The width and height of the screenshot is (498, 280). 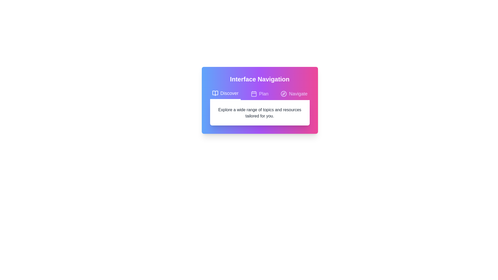 What do you see at coordinates (259, 94) in the screenshot?
I see `the 'Plan' button, which features a calendar icon and is the second button in the horizontal tab list between 'Discover' and 'Navigate'` at bounding box center [259, 94].